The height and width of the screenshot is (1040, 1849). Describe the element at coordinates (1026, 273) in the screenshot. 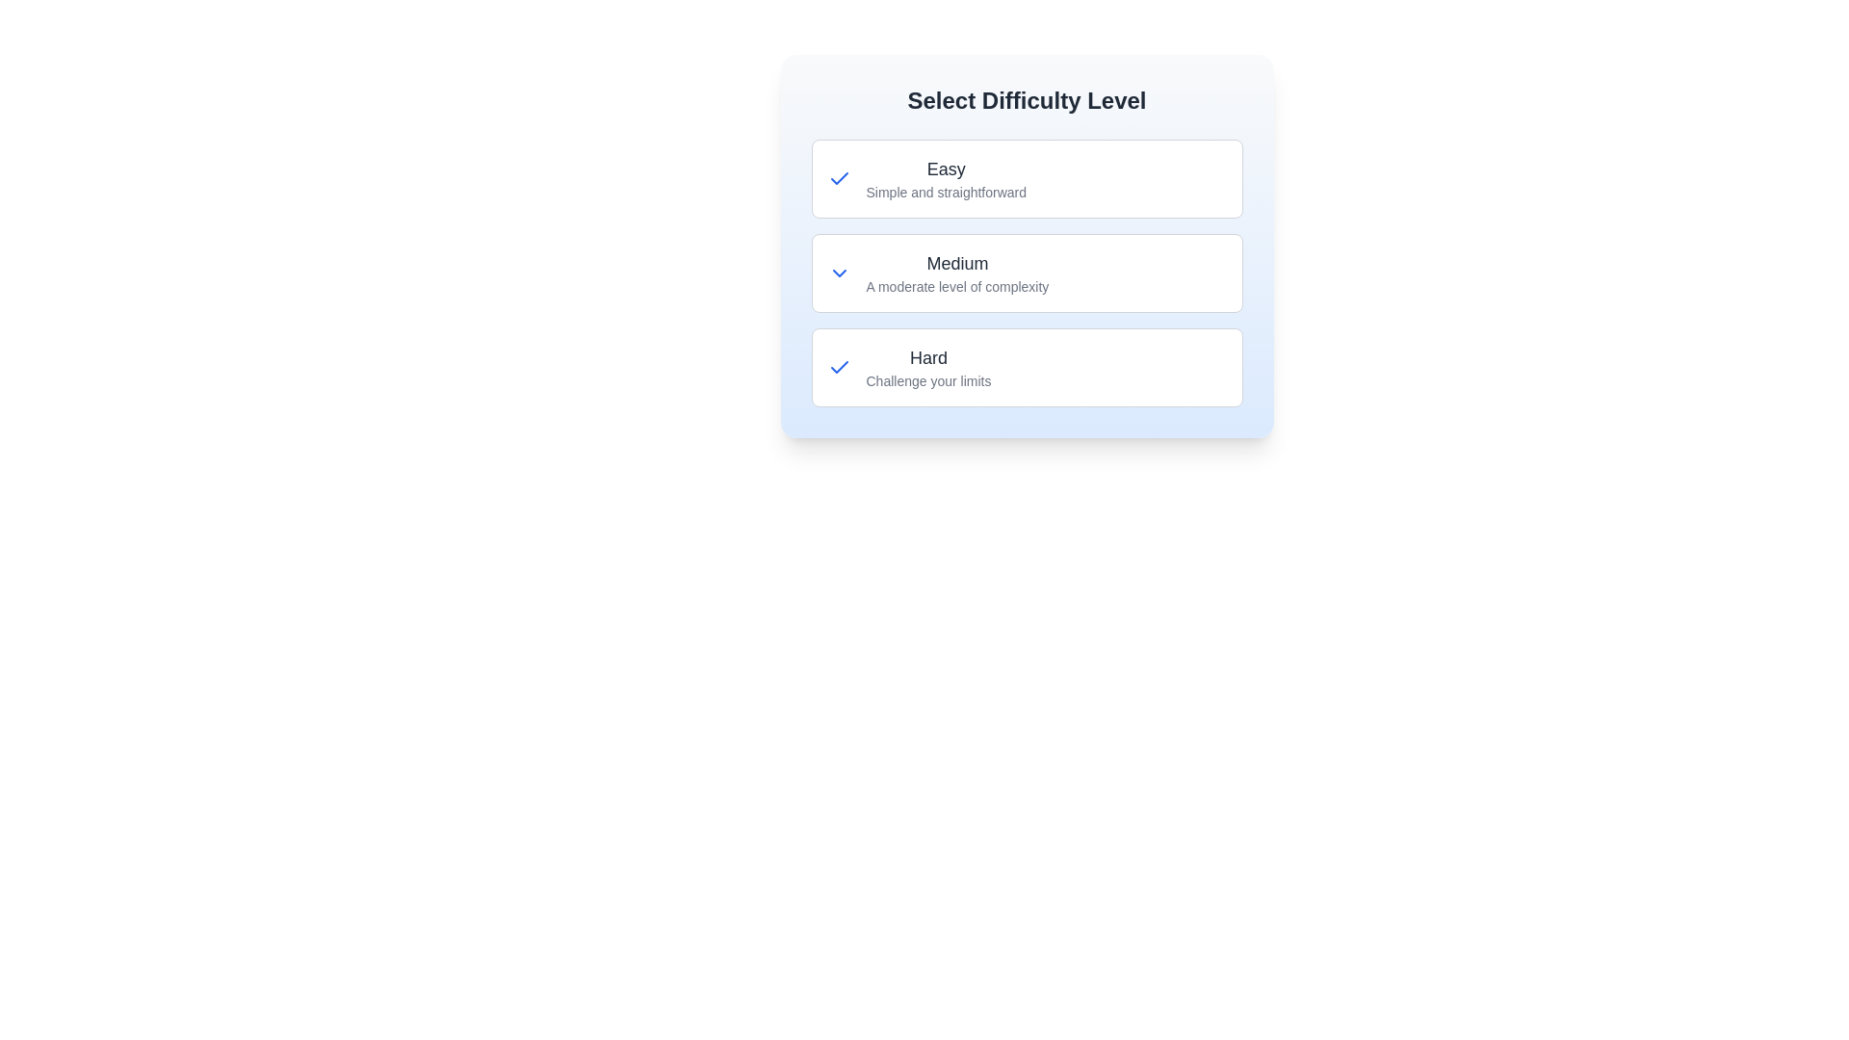

I see `the 'Medium' selectable difficulty option card, which is the second item in a vertical list of difficulty options` at that location.